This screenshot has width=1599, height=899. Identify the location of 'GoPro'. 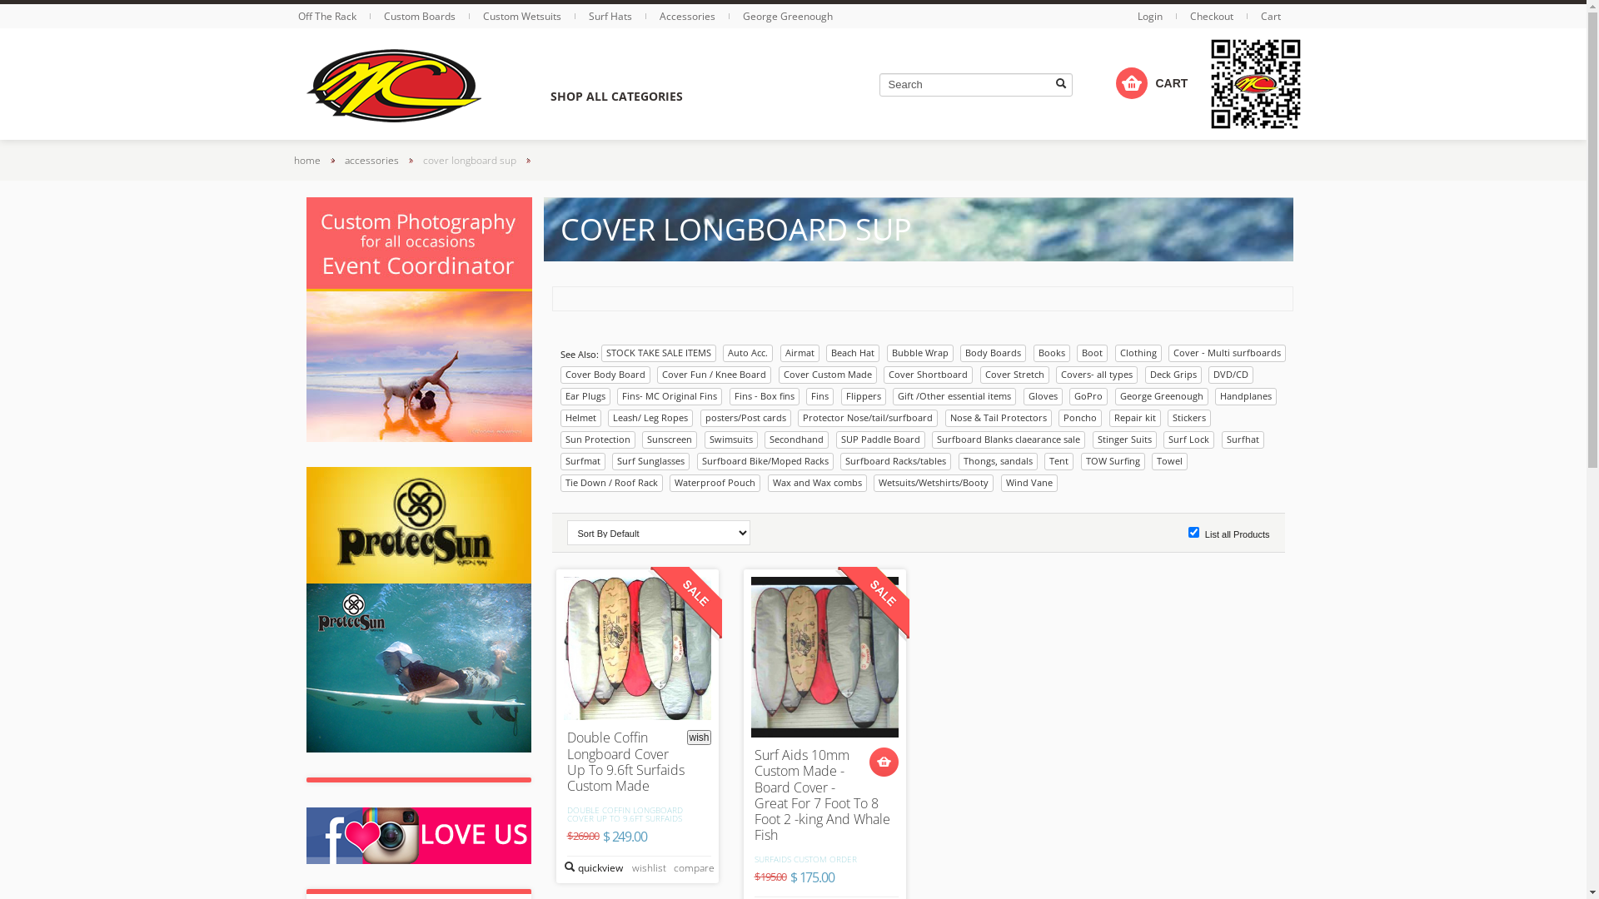
(1088, 396).